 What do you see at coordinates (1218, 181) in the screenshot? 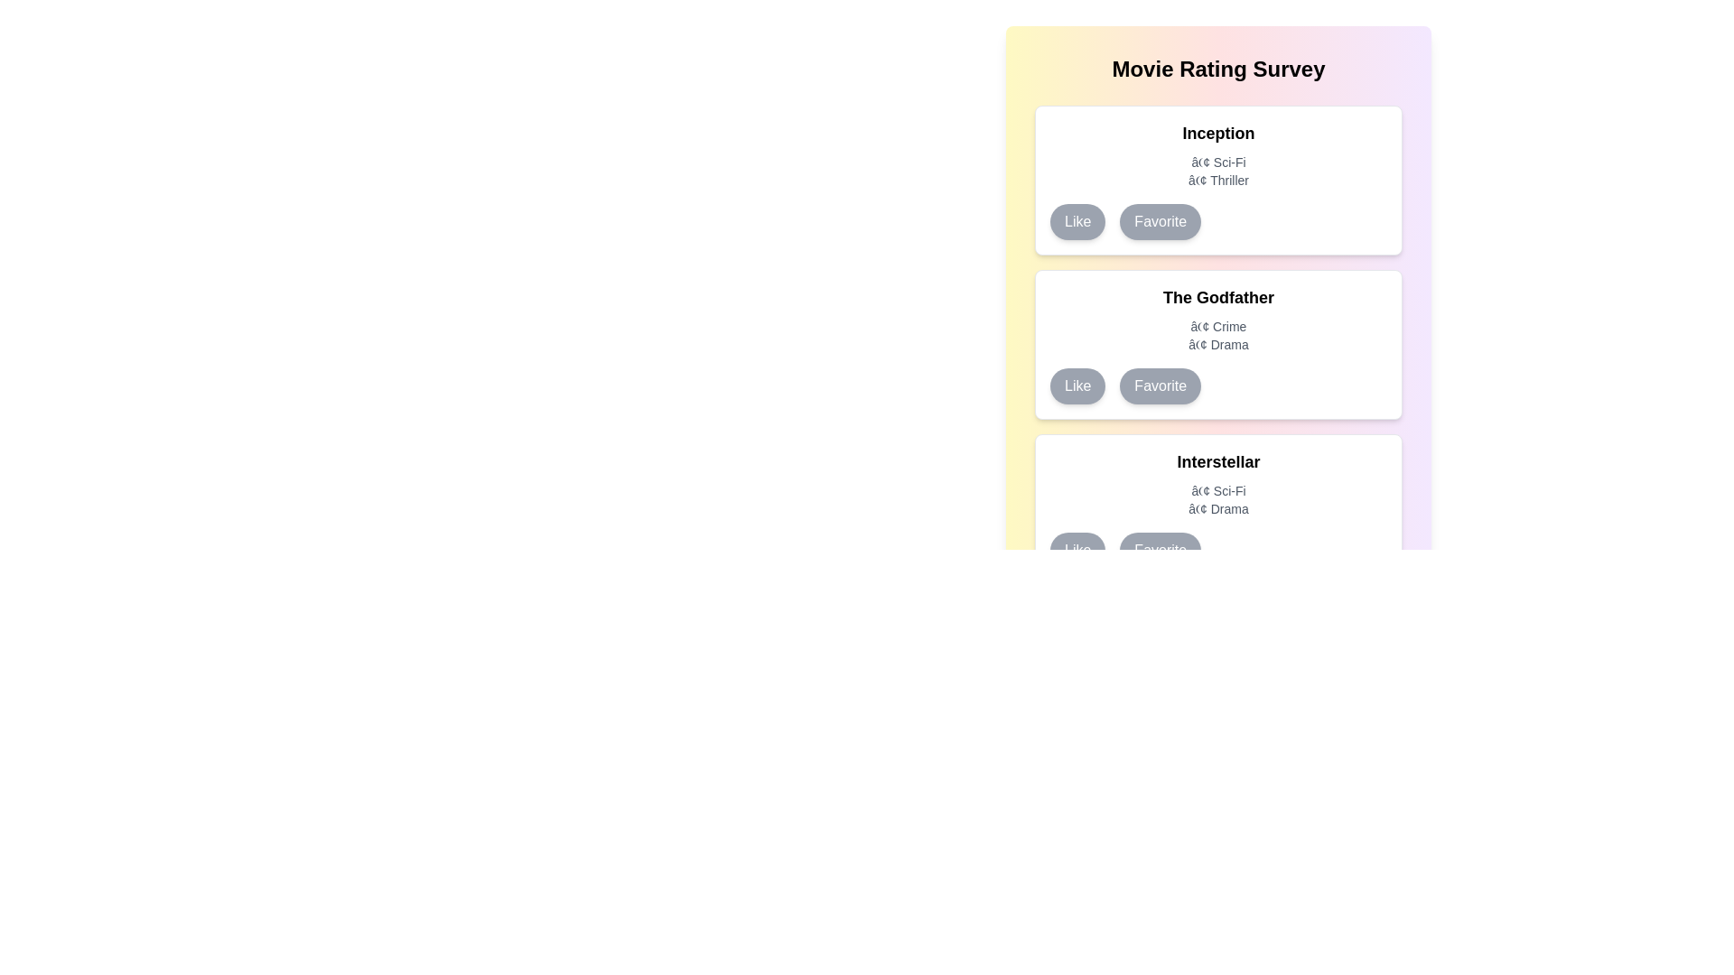
I see `the non-interactive text label displaying the genre of the movie 'Inception', located below the title and following '• Sci-Fi'` at bounding box center [1218, 181].